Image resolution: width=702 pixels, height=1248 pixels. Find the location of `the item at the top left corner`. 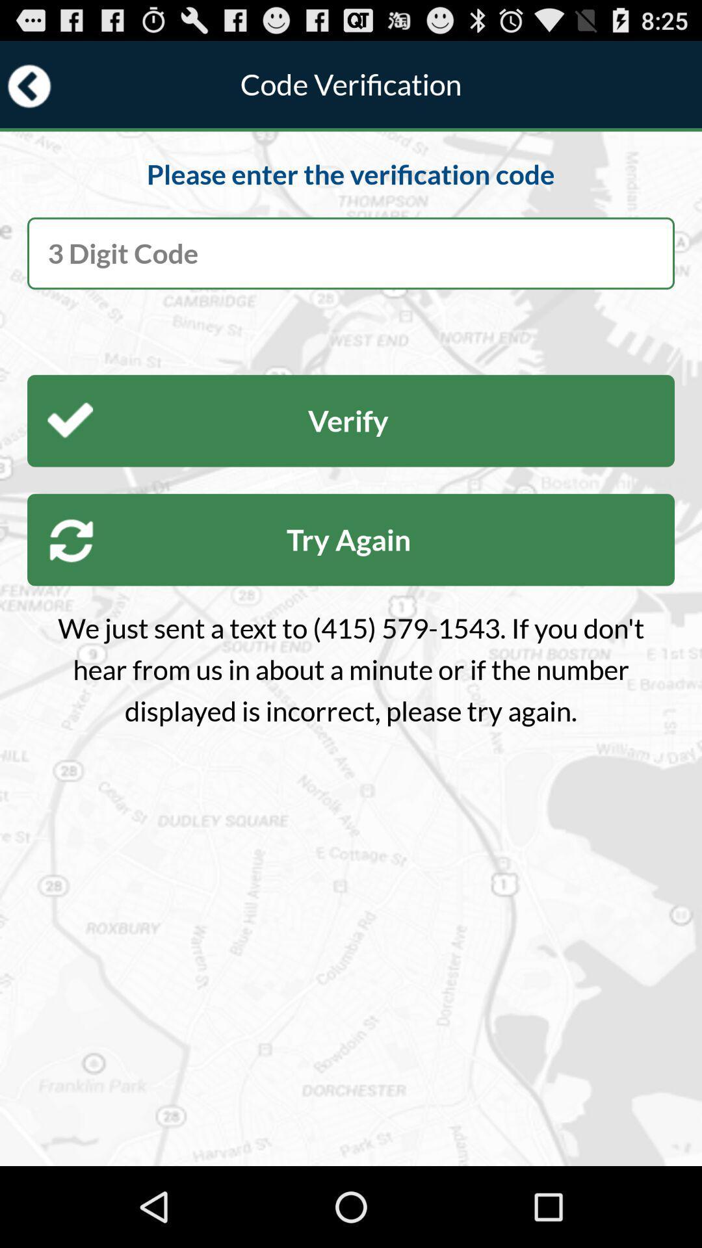

the item at the top left corner is located at coordinates (29, 85).